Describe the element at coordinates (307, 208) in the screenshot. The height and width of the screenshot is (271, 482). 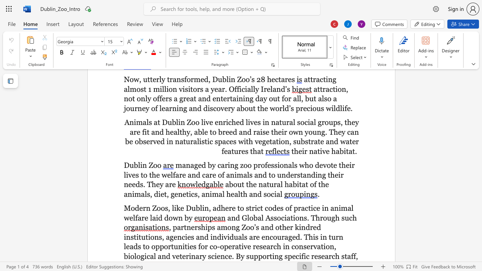
I see `the 3th character "c" in the text` at that location.